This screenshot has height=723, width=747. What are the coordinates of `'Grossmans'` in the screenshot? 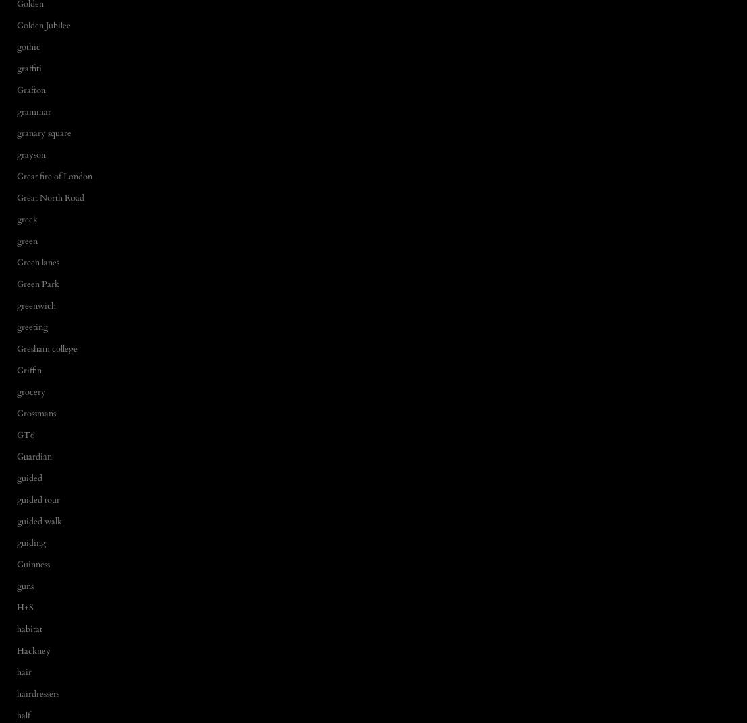 It's located at (17, 412).